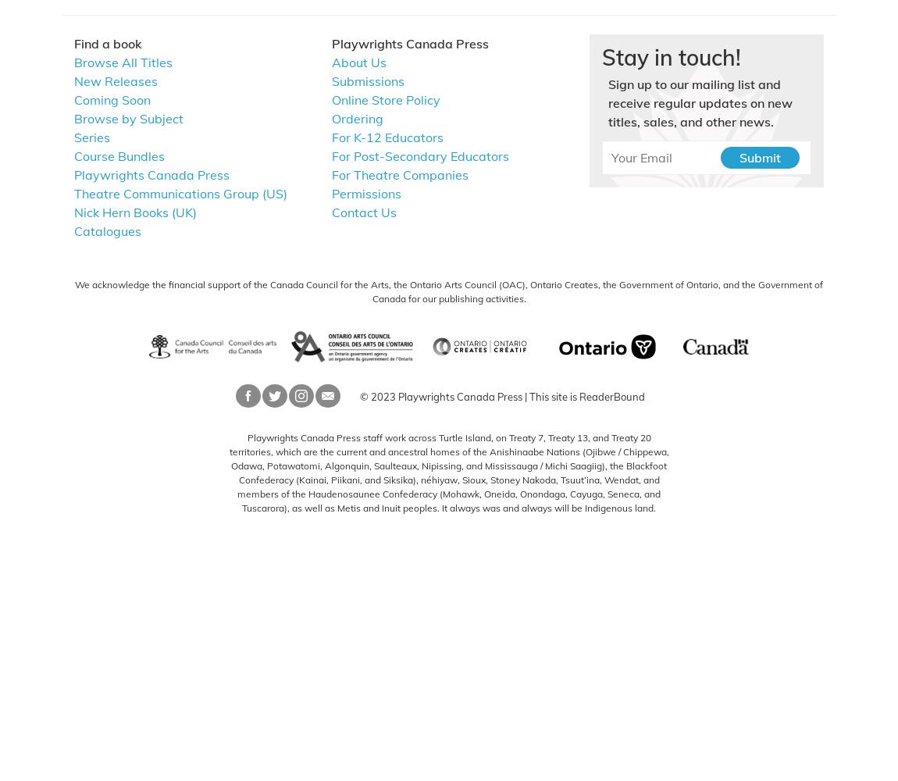 The image size is (898, 781). Describe the element at coordinates (332, 173) in the screenshot. I see `'For Theatre Companies'` at that location.